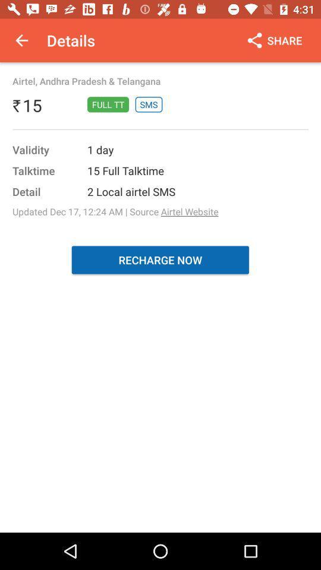 Image resolution: width=321 pixels, height=570 pixels. Describe the element at coordinates (273, 40) in the screenshot. I see `the share icon` at that location.